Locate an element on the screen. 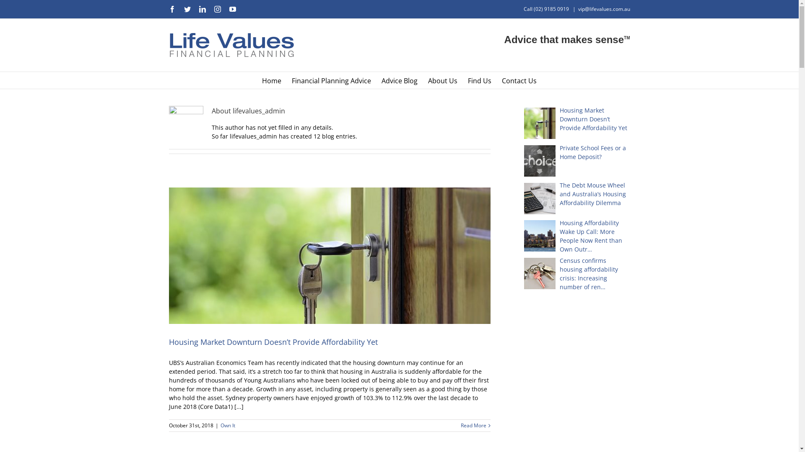 The image size is (805, 452). 'Financial Planning Advice' is located at coordinates (331, 80).